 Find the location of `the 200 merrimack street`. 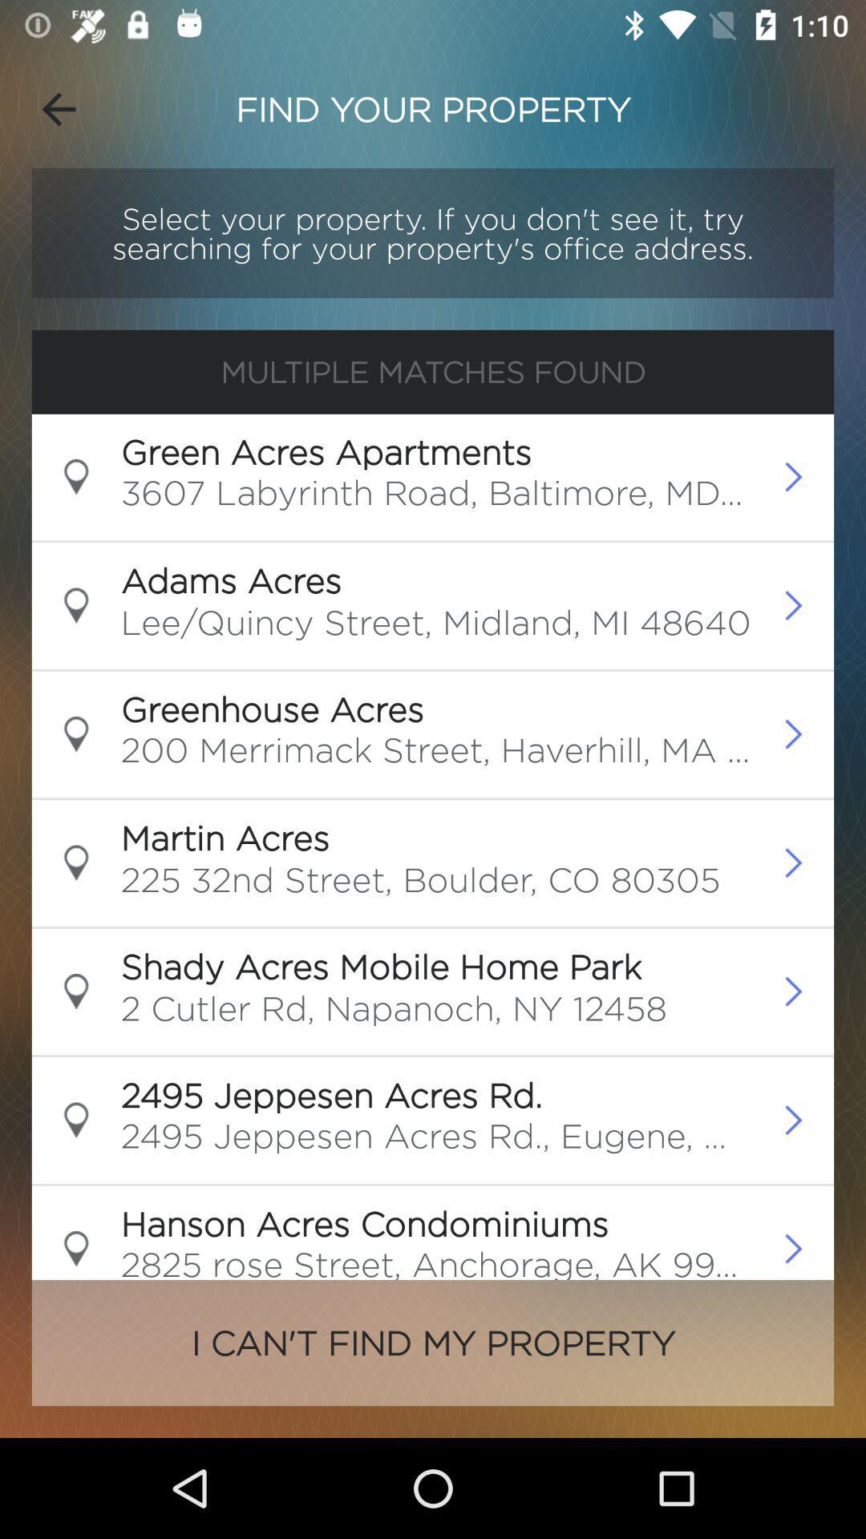

the 200 merrimack street is located at coordinates (437, 754).